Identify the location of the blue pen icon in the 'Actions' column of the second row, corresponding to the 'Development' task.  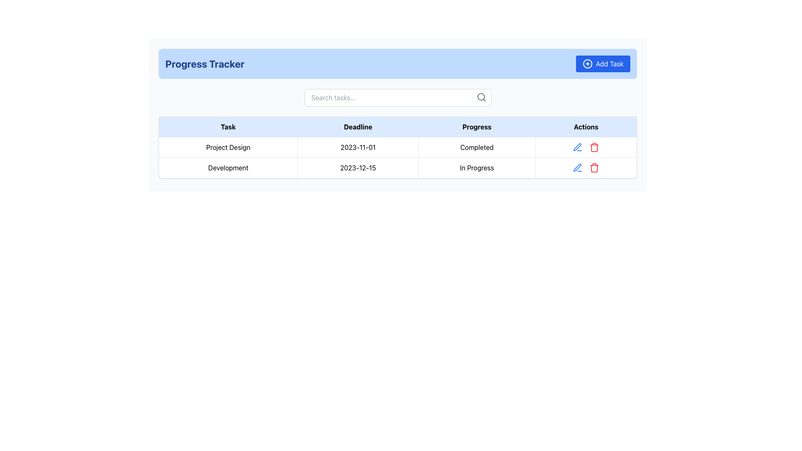
(577, 146).